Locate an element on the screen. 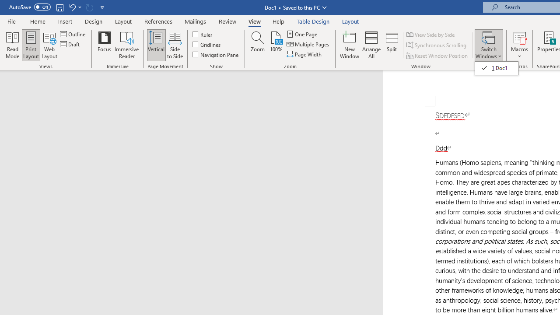  'View Side by Side' is located at coordinates (431, 34).